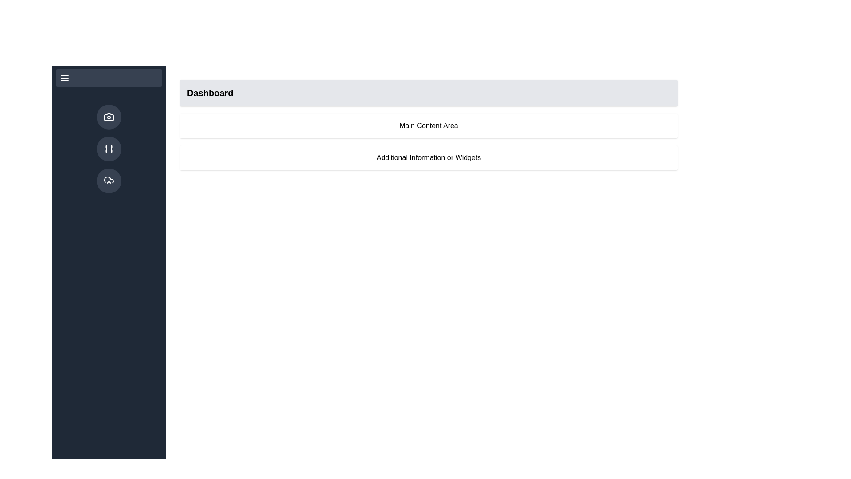 The height and width of the screenshot is (479, 851). I want to click on the second circular button in the dark blue left vertical navigation bar, so click(108, 148).